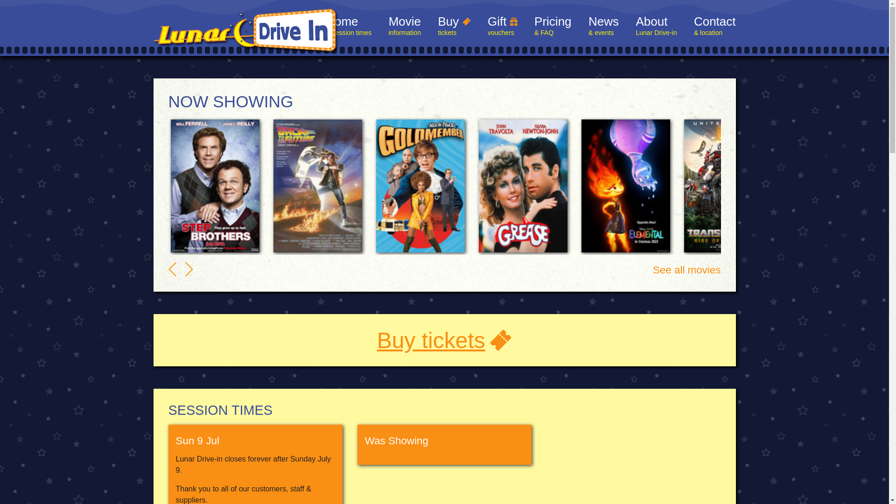 This screenshot has height=504, width=896. I want to click on 'Movie, so click(405, 26).